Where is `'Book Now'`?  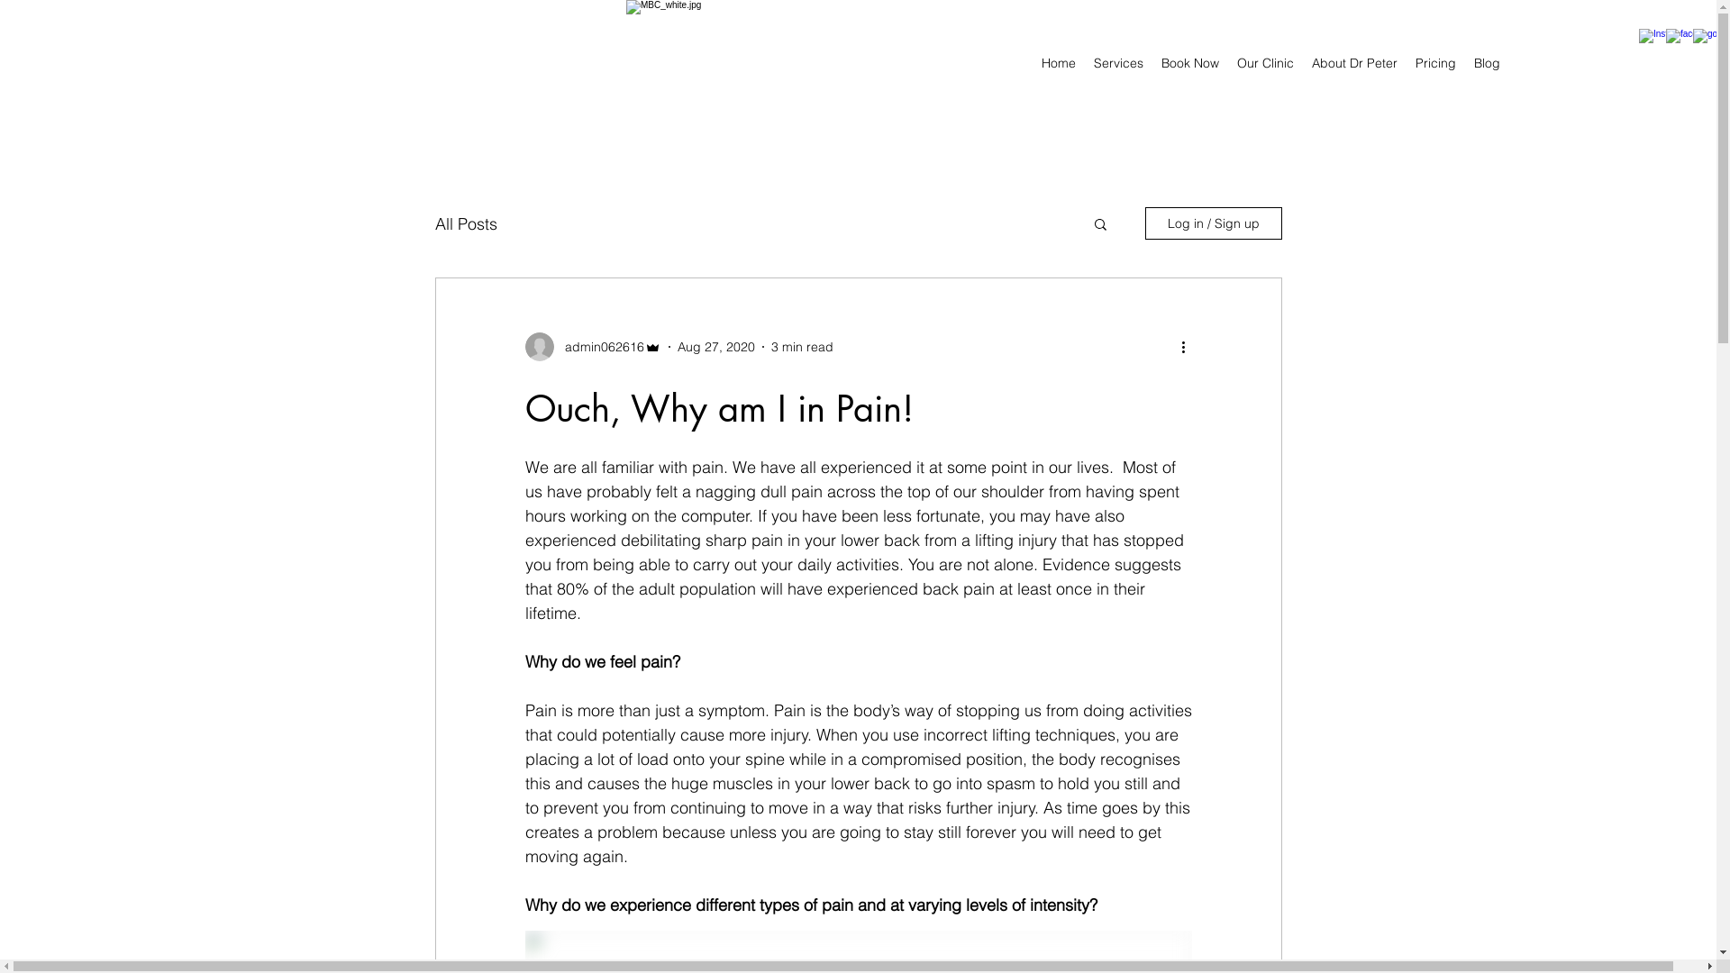 'Book Now' is located at coordinates (1189, 61).